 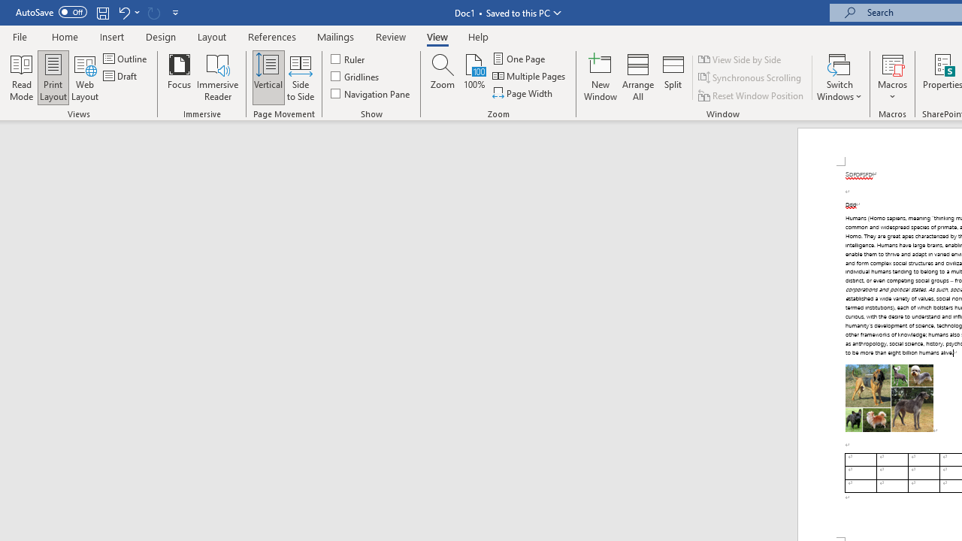 What do you see at coordinates (889, 397) in the screenshot?
I see `'Morphological variation in six dogs'` at bounding box center [889, 397].